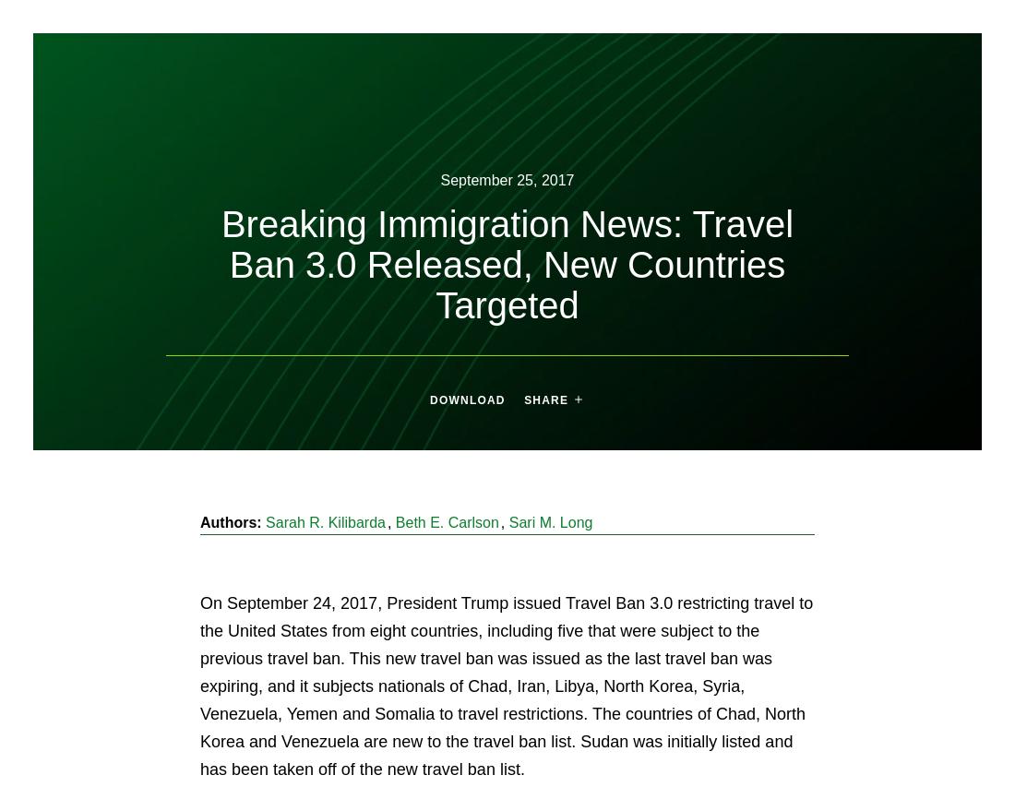 Image resolution: width=1015 pixels, height=811 pixels. What do you see at coordinates (986, 43) in the screenshot?
I see `'Search'` at bounding box center [986, 43].